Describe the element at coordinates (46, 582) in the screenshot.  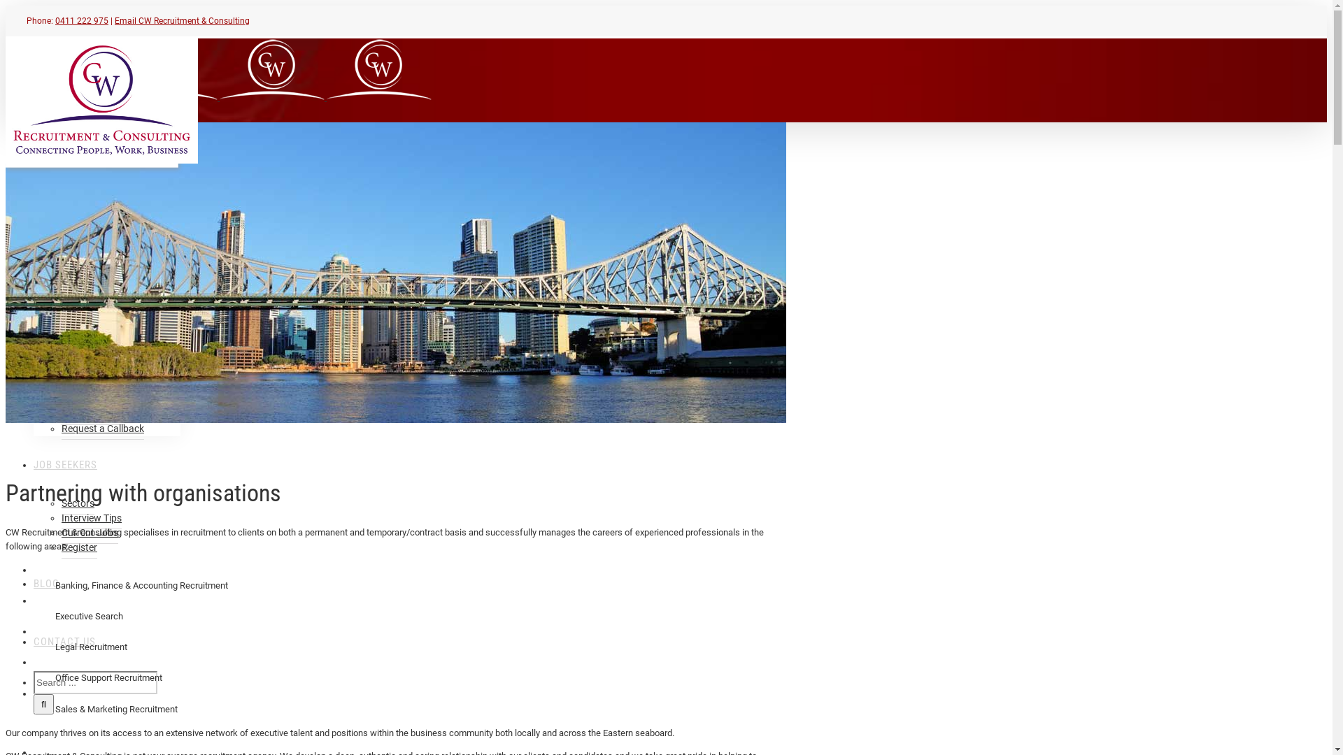
I see `'BLOG'` at that location.